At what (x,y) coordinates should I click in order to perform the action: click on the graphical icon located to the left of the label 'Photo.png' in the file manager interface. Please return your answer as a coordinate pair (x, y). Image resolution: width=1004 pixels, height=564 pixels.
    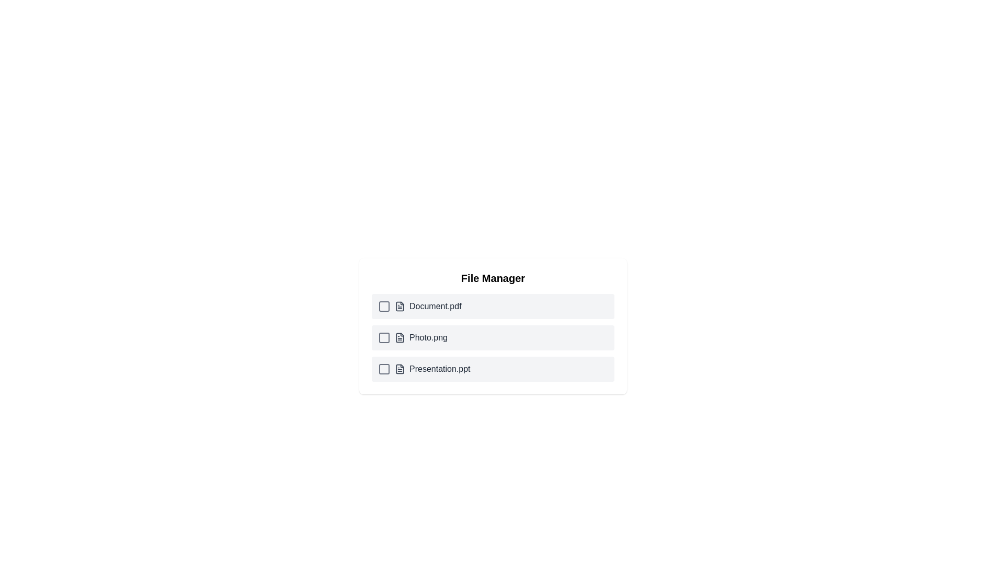
    Looking at the image, I should click on (383, 338).